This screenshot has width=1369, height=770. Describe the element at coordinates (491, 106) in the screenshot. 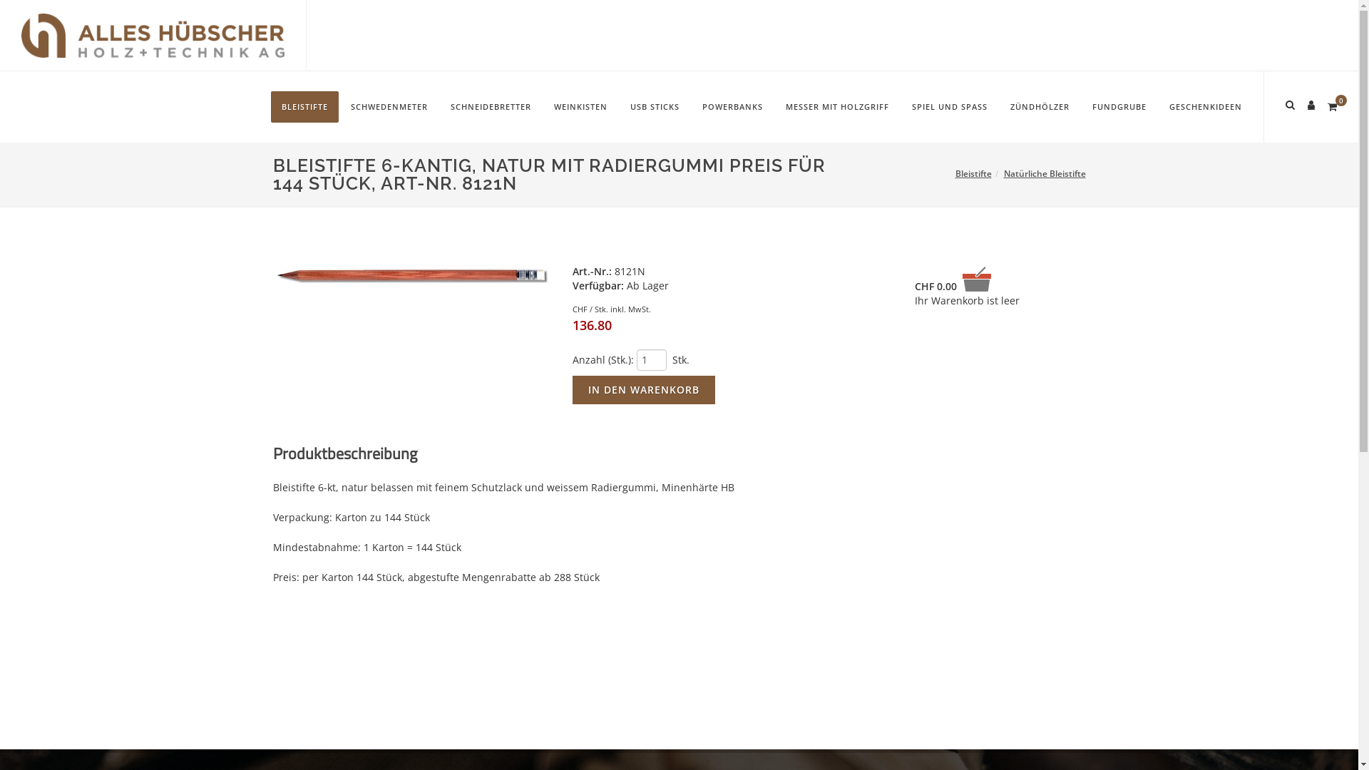

I see `'SCHNEIDEBRETTER'` at that location.